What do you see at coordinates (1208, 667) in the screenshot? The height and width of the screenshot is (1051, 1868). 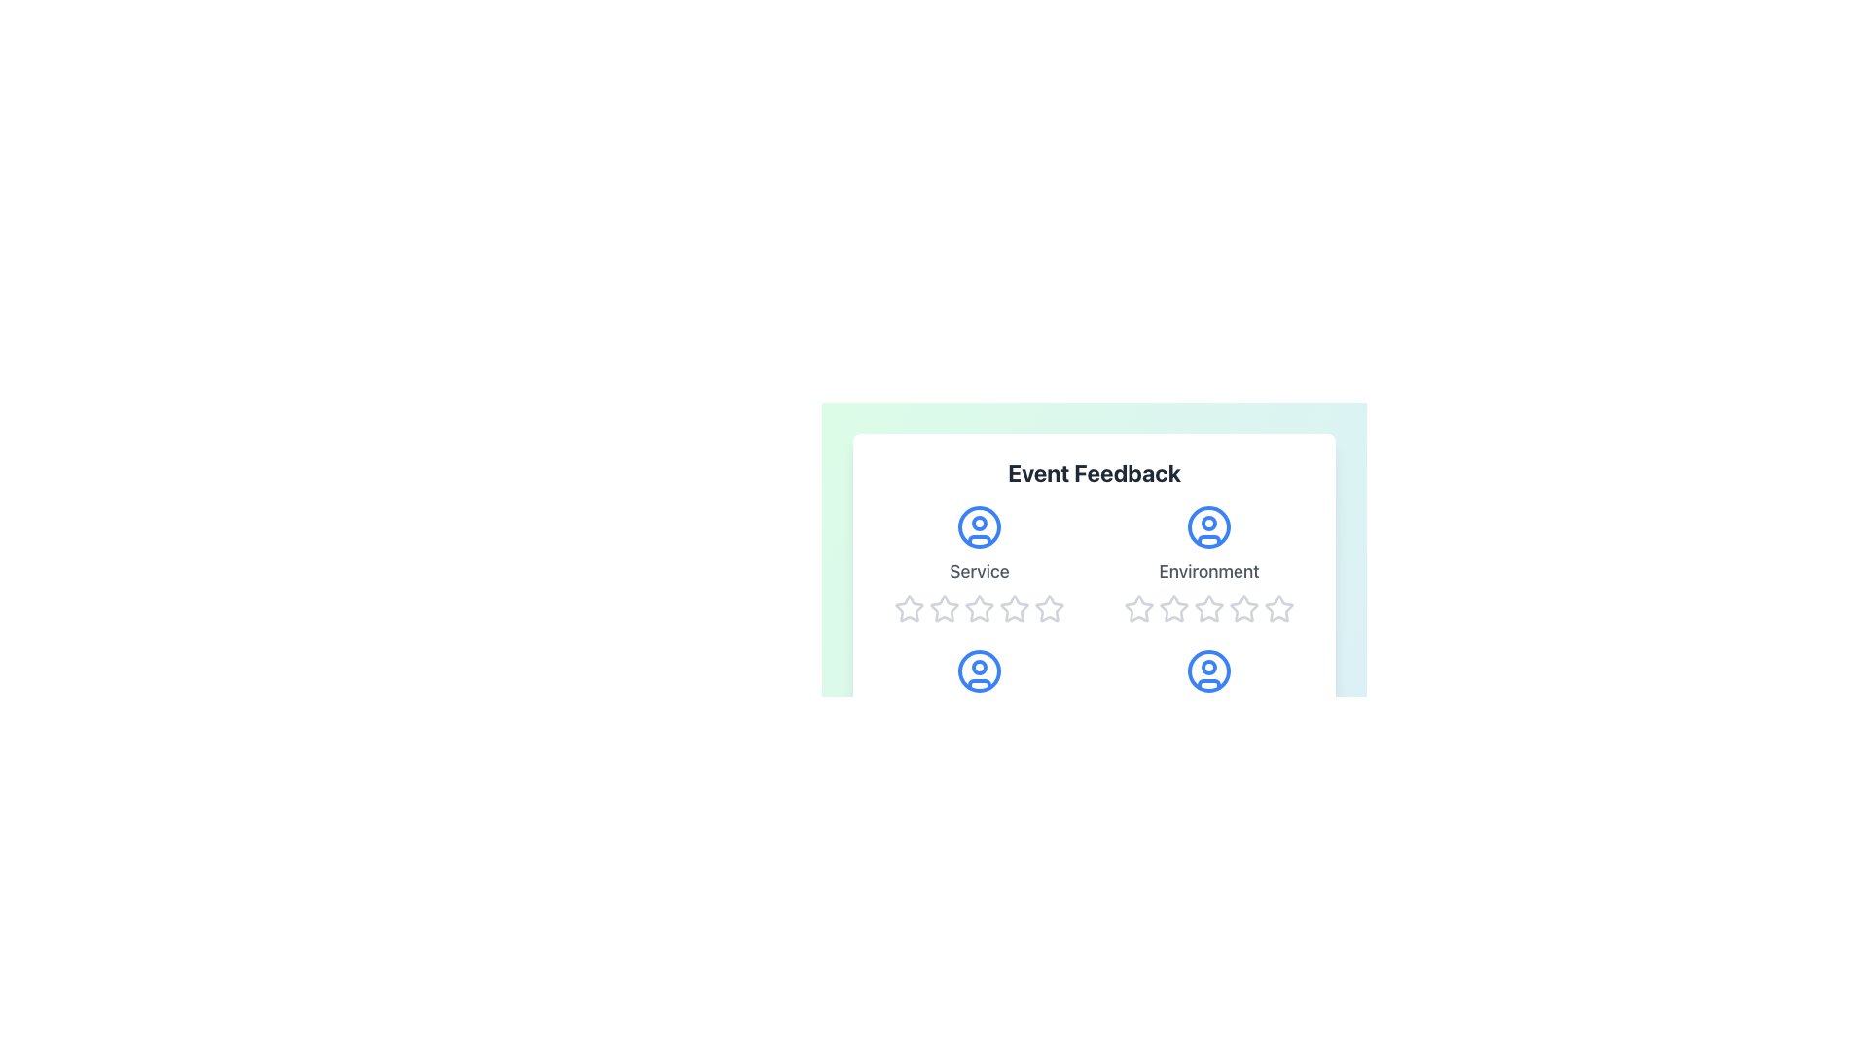 I see `the inner circle of the user icon located in the lower right corner of the feedback form layout` at bounding box center [1208, 667].